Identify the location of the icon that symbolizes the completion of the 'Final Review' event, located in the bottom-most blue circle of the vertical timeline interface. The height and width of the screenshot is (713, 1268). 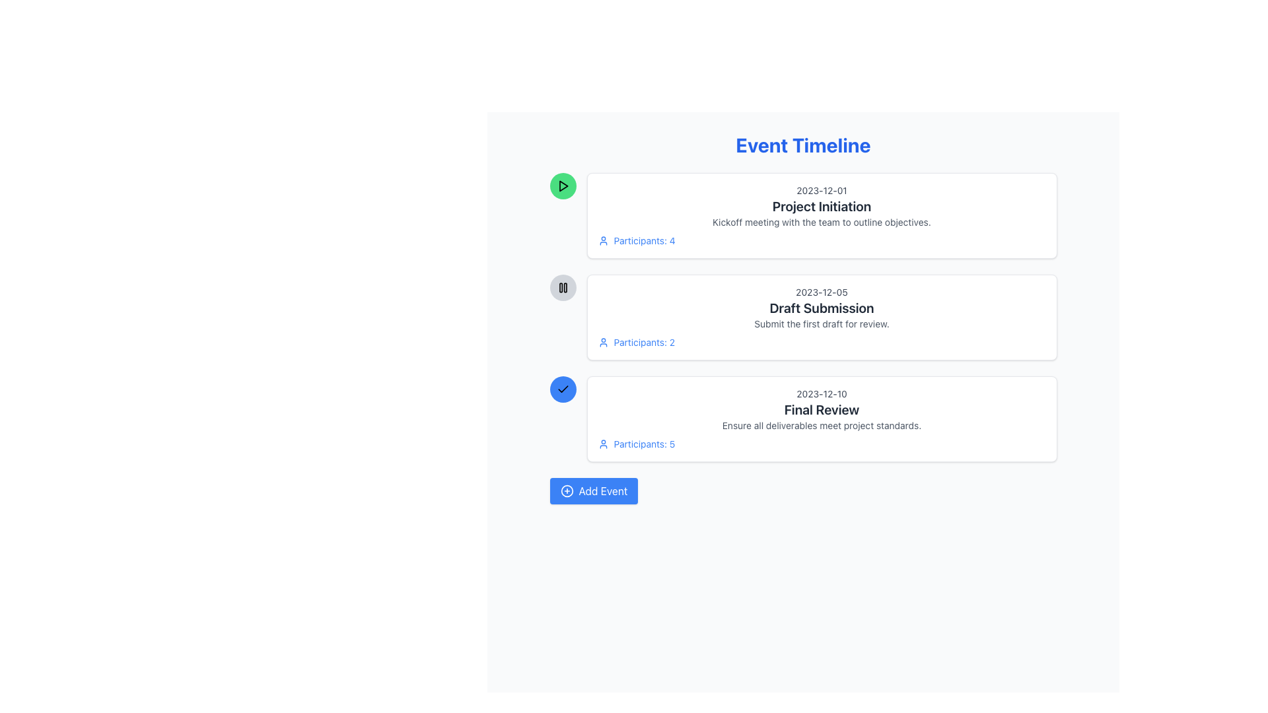
(563, 389).